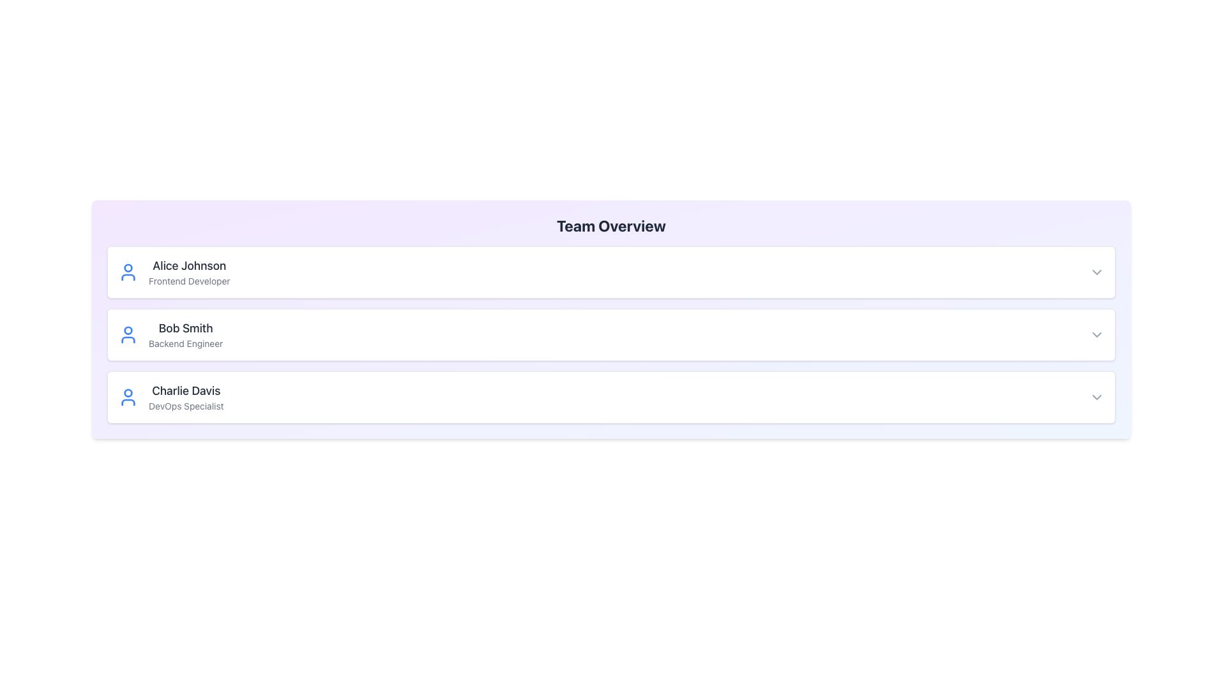  I want to click on the second personnel information card displaying 'Bob Smith' and 'Backend Engineer' in the 'Team Overview' section, so click(170, 334).